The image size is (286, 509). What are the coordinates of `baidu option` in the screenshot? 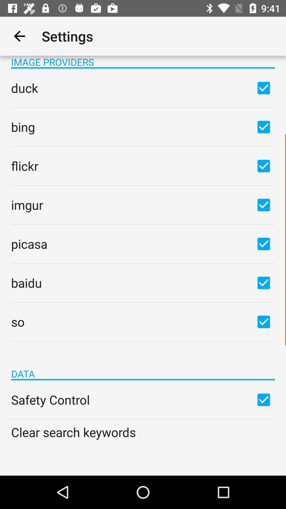 It's located at (263, 282).